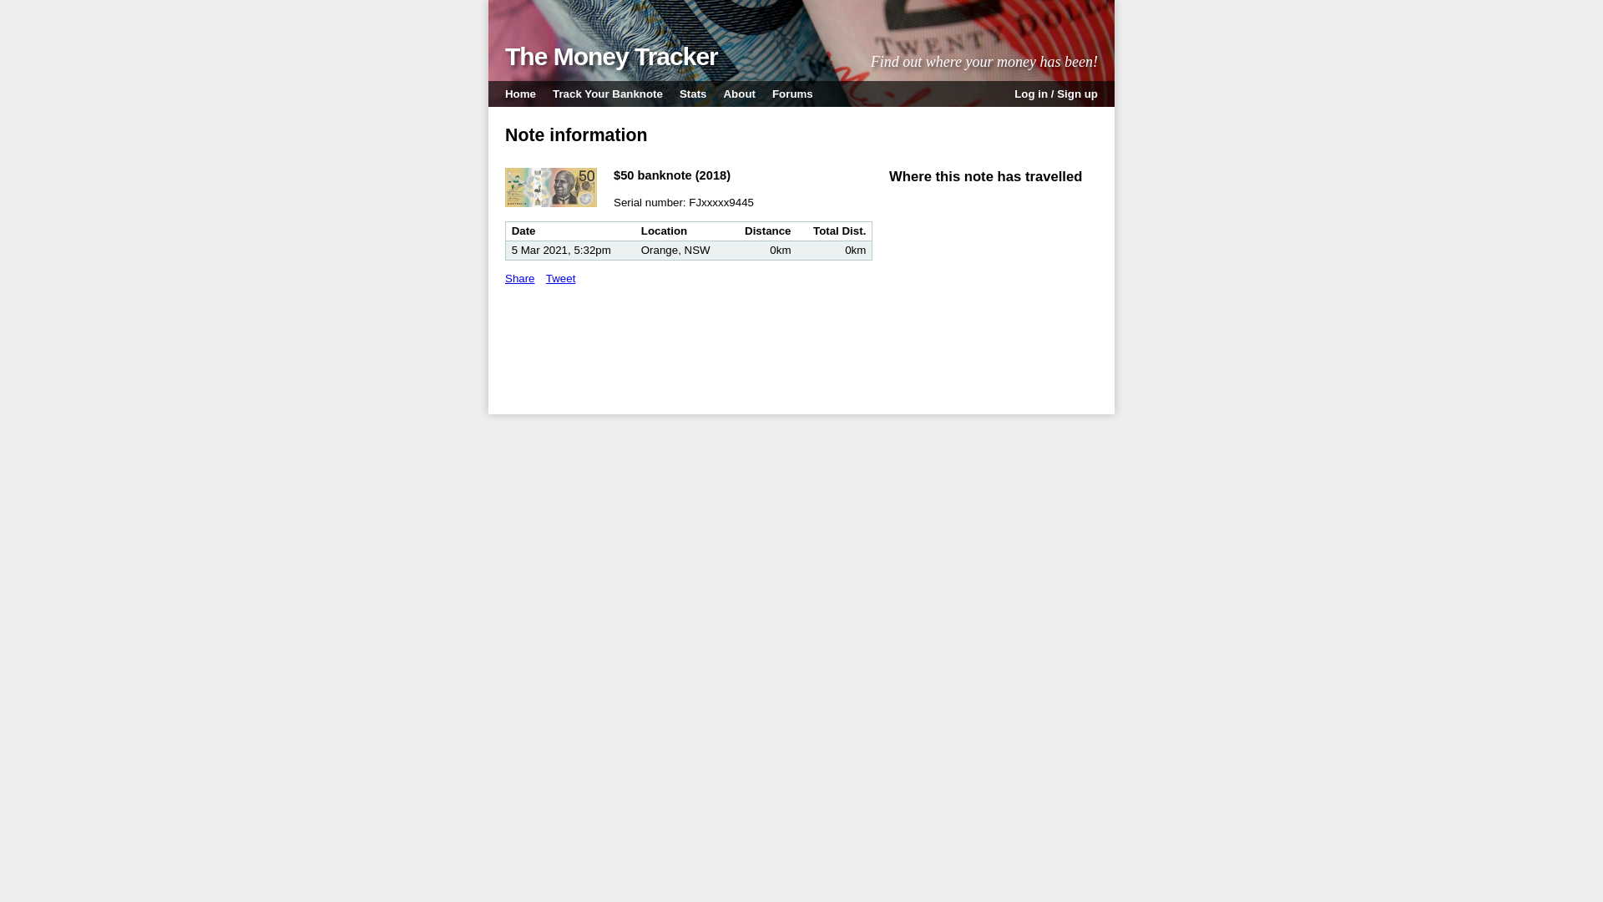 This screenshot has width=1603, height=902. What do you see at coordinates (519, 277) in the screenshot?
I see `'Share'` at bounding box center [519, 277].